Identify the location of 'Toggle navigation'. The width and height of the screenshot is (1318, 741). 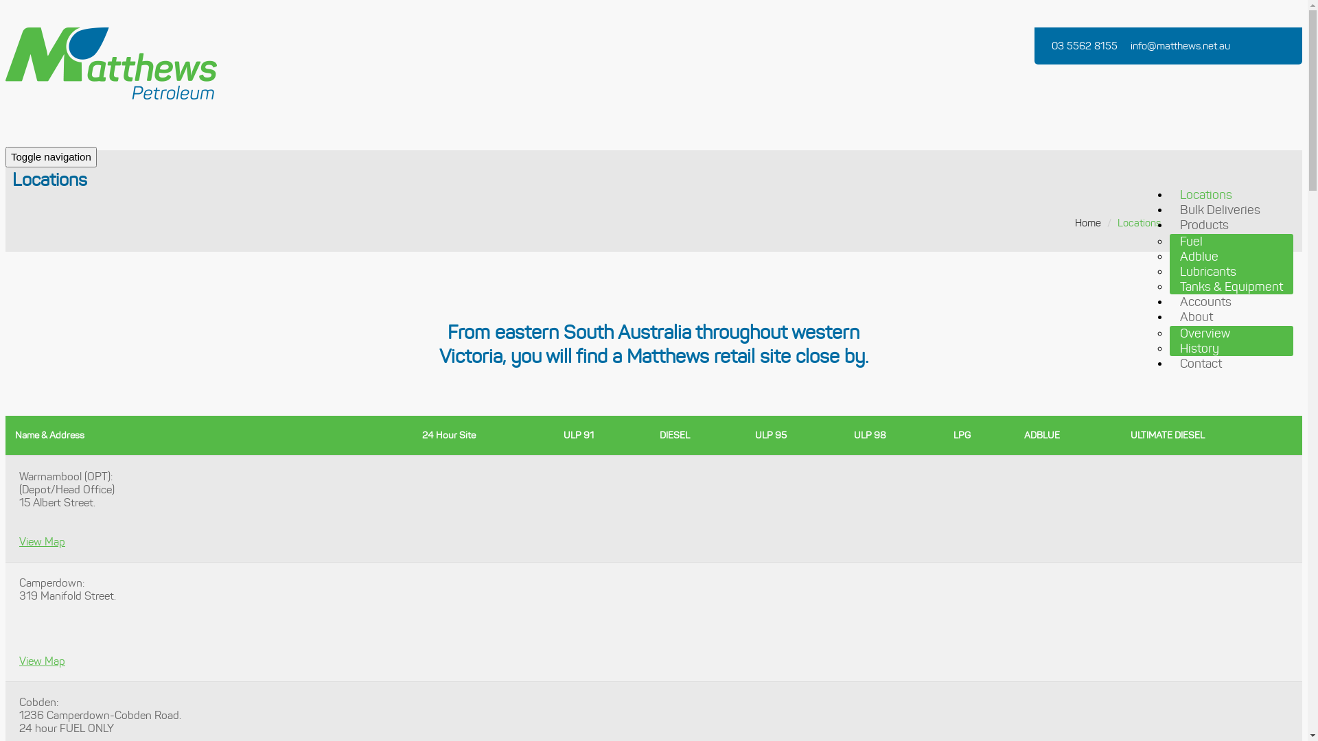
(5, 156).